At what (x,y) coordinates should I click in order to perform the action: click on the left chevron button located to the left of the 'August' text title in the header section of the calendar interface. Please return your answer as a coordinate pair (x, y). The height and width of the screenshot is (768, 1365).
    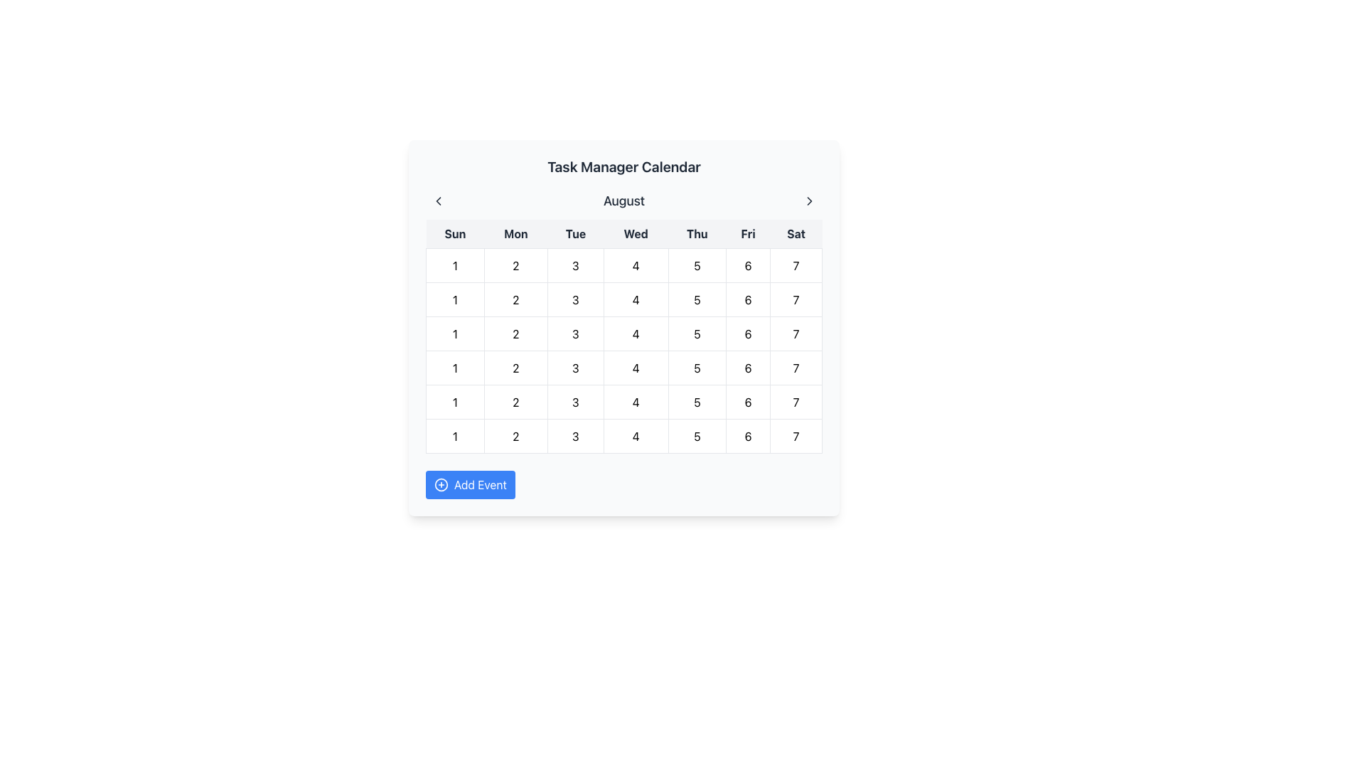
    Looking at the image, I should click on (438, 201).